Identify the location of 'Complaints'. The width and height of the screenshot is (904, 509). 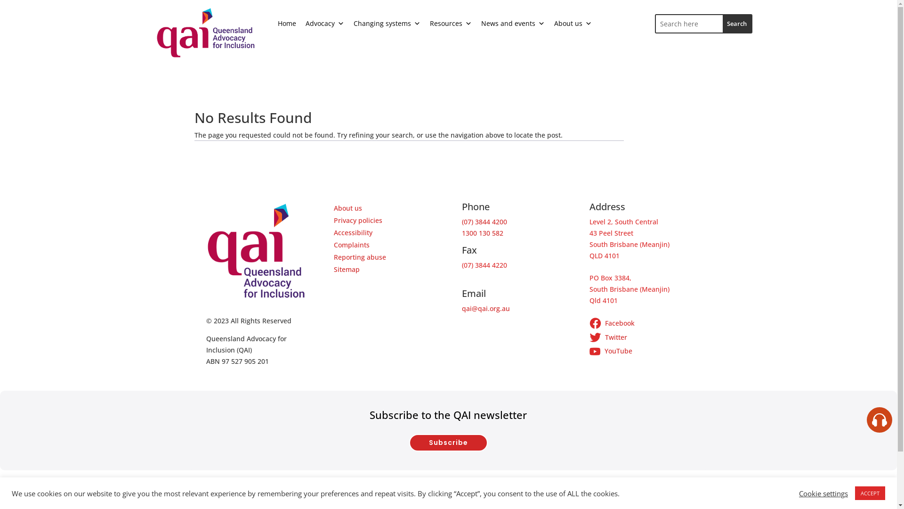
(351, 244).